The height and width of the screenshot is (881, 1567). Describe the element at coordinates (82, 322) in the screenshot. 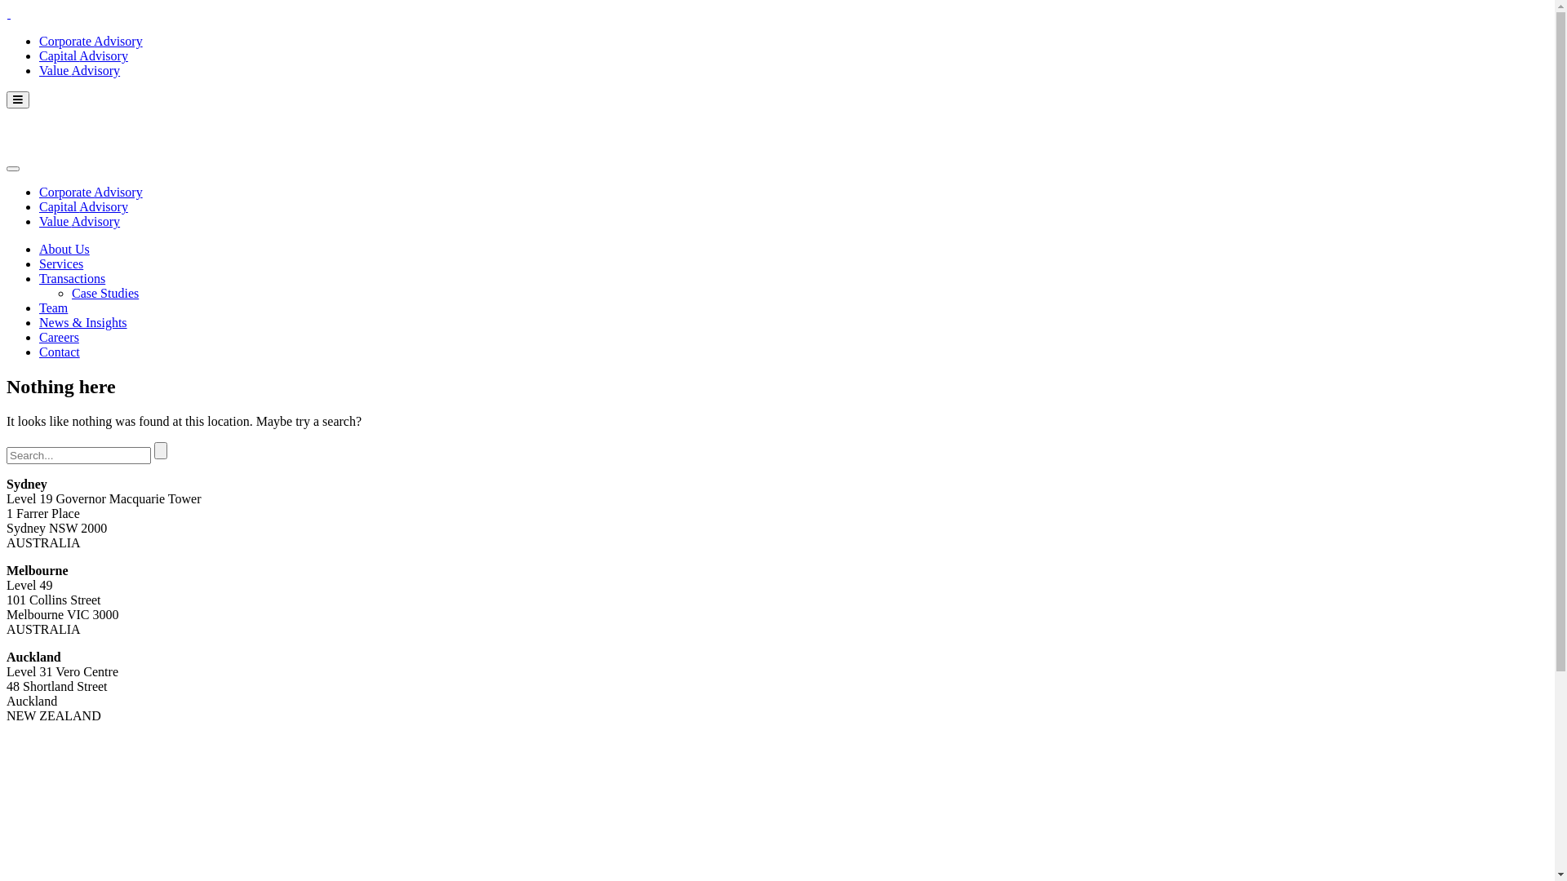

I see `'News & Insights'` at that location.